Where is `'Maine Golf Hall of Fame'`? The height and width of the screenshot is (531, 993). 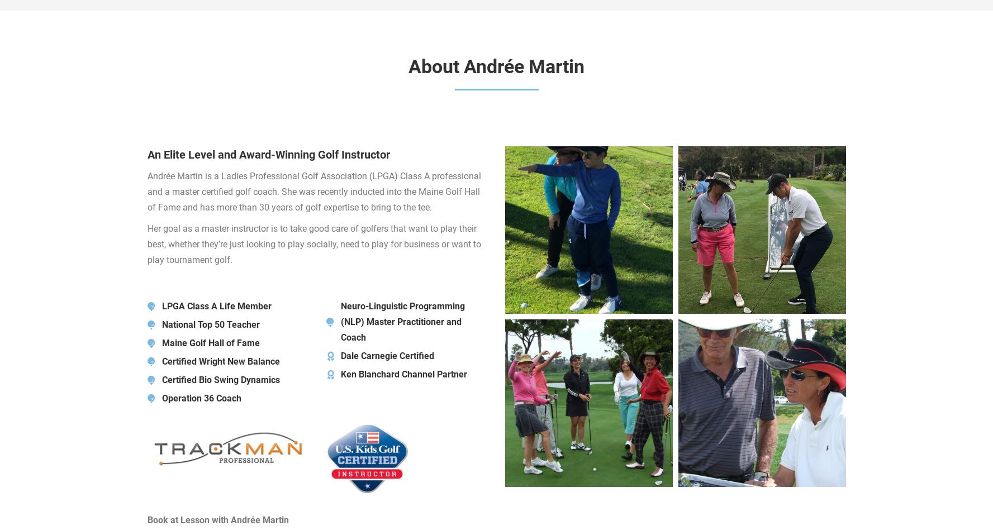
'Maine Golf Hall of Fame' is located at coordinates (210, 342).